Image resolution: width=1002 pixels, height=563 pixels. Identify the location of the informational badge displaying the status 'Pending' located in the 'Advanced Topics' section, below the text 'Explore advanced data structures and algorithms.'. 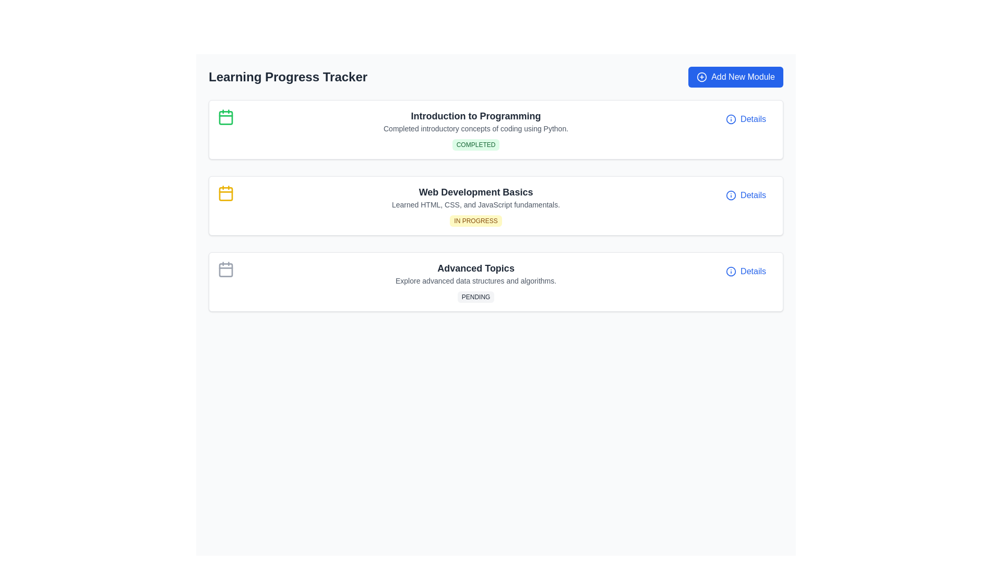
(475, 297).